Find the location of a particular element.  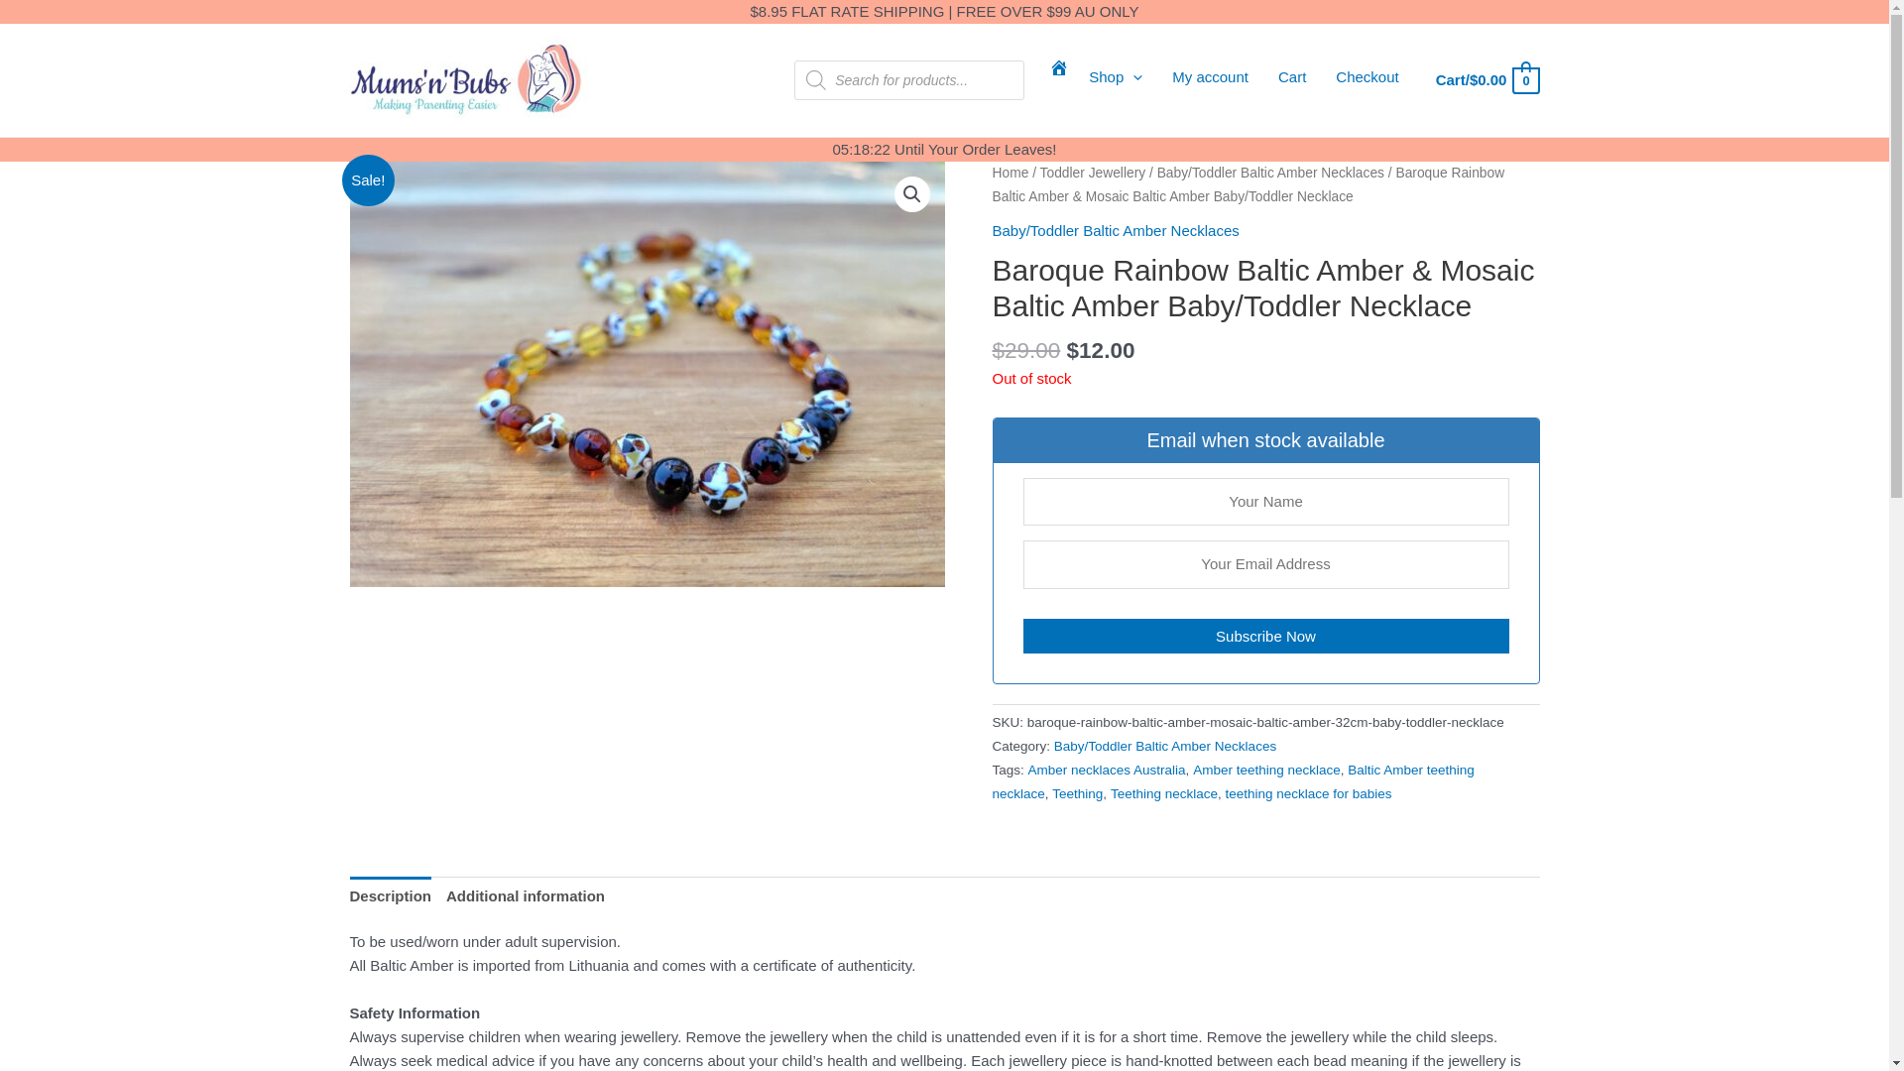

'Teething' is located at coordinates (1076, 792).